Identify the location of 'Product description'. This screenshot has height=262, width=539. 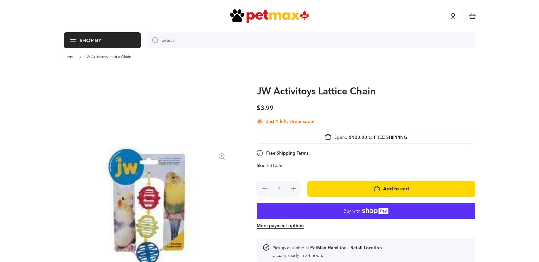
(266, 158).